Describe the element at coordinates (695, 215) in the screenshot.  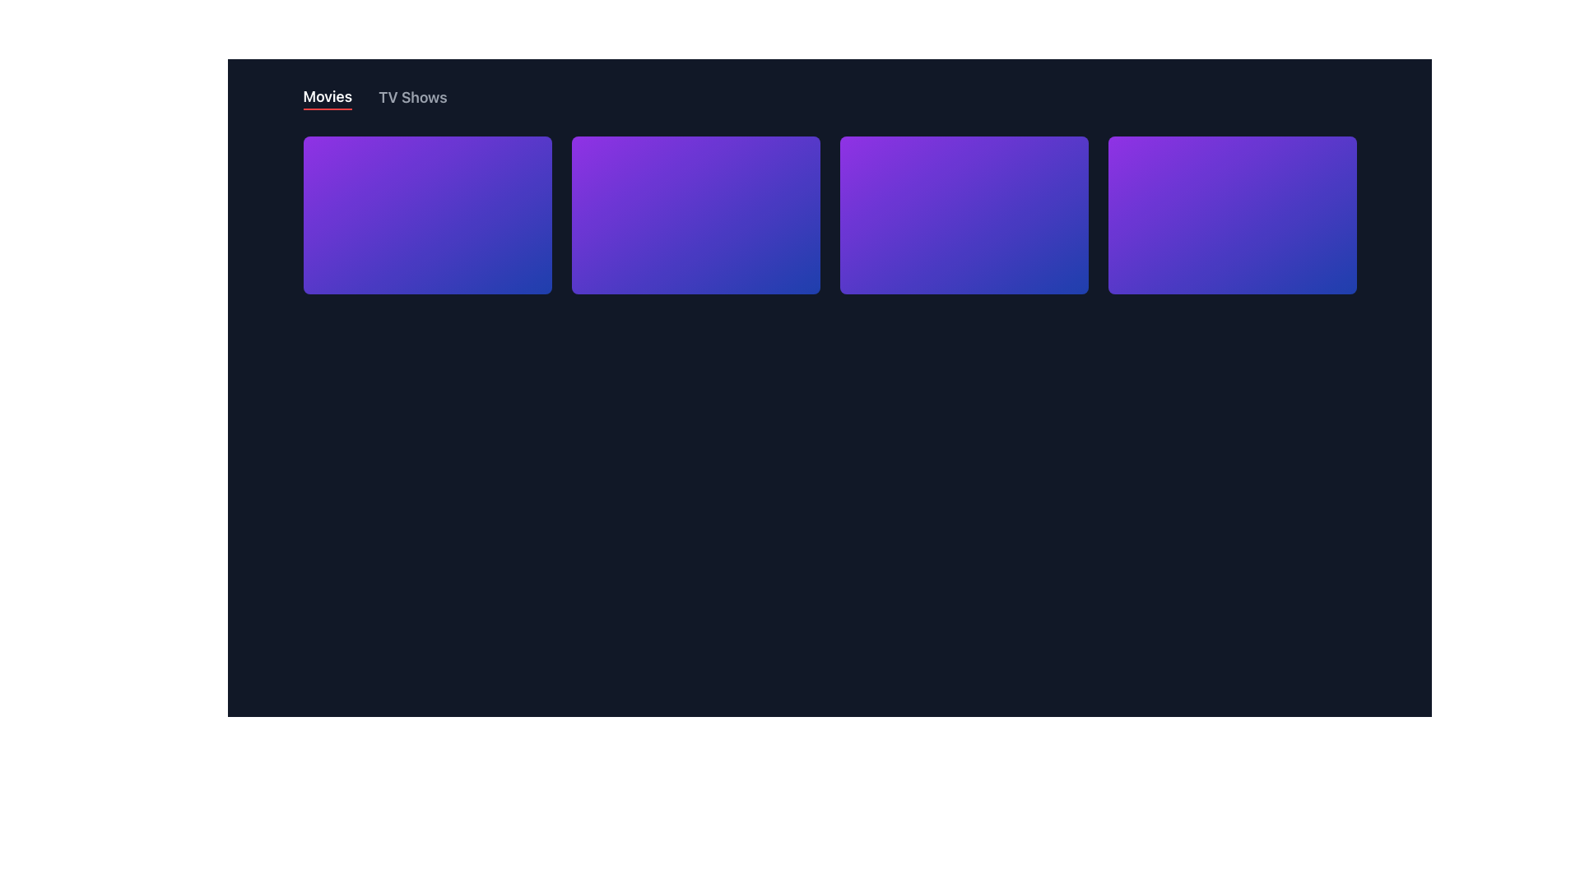
I see `the second clickable card in the grid, which displays details about the movie 'Dune'` at that location.